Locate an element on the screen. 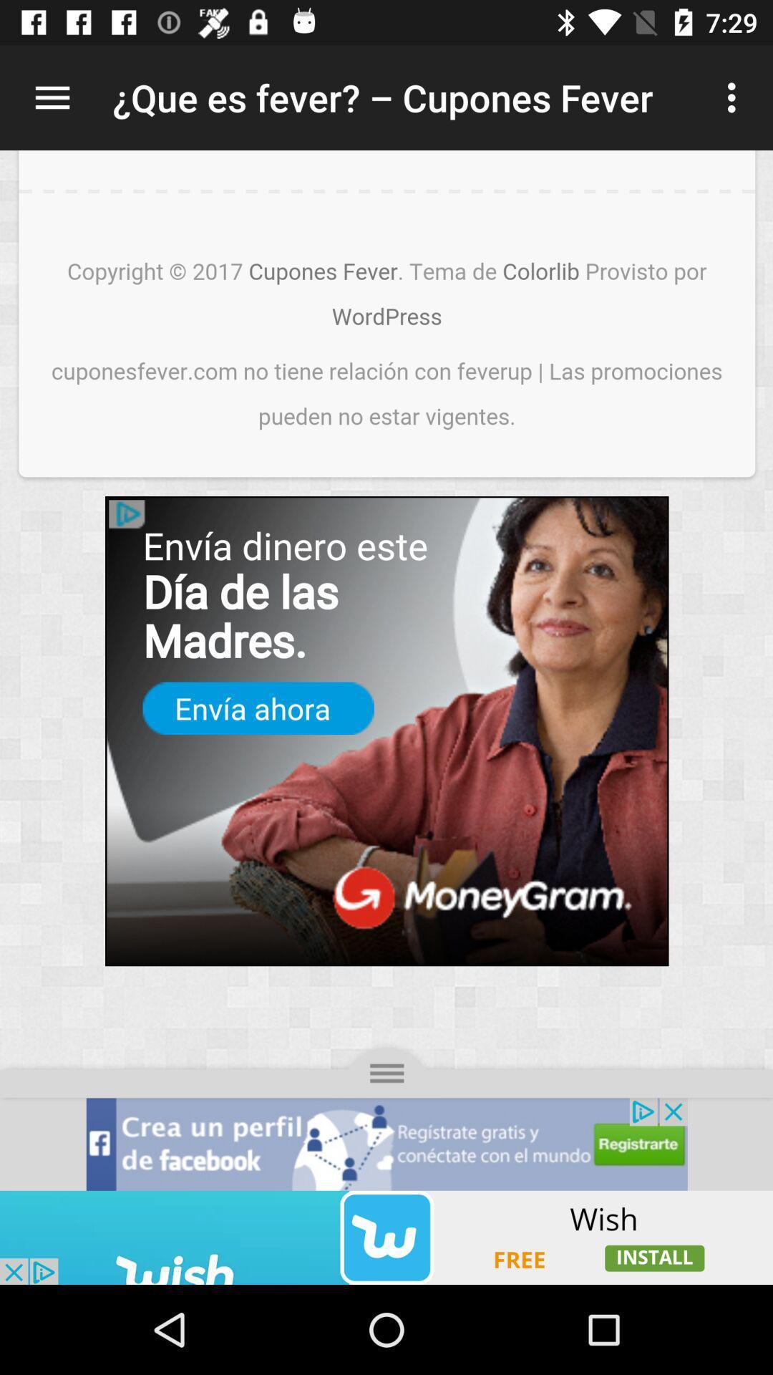 Image resolution: width=773 pixels, height=1375 pixels. advertisement is located at coordinates (386, 670).